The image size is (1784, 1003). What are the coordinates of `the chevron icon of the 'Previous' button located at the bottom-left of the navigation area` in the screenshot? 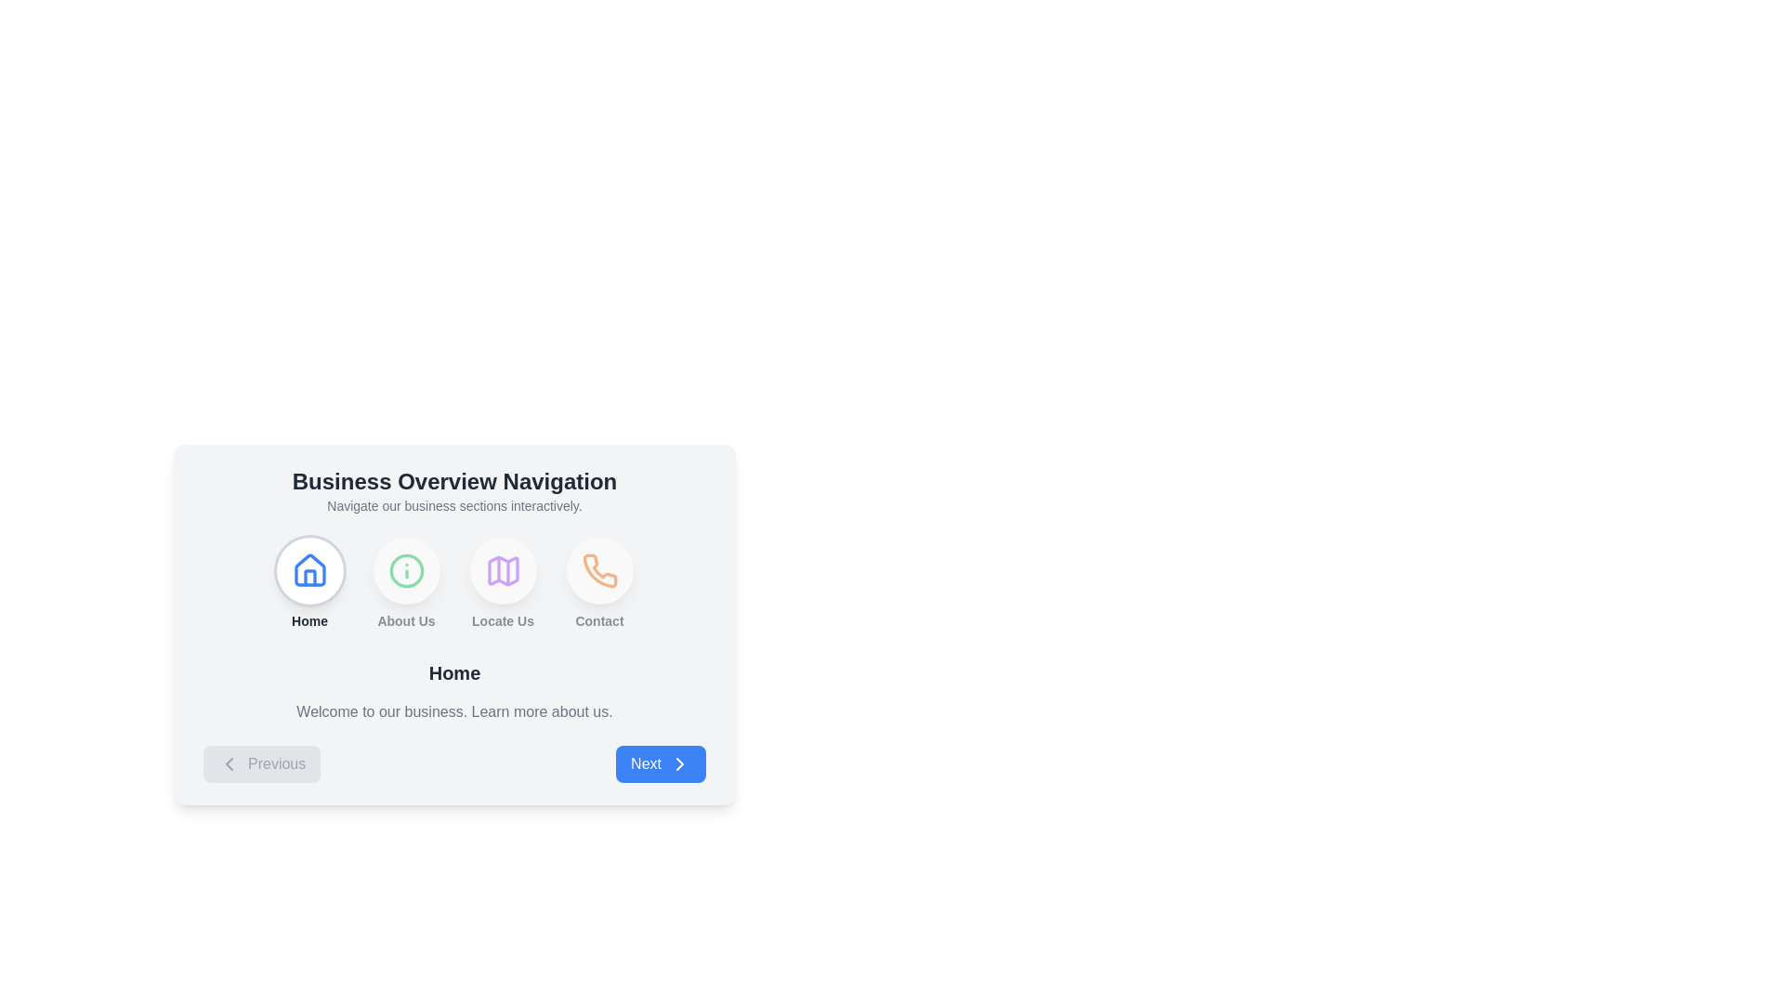 It's located at (228, 763).